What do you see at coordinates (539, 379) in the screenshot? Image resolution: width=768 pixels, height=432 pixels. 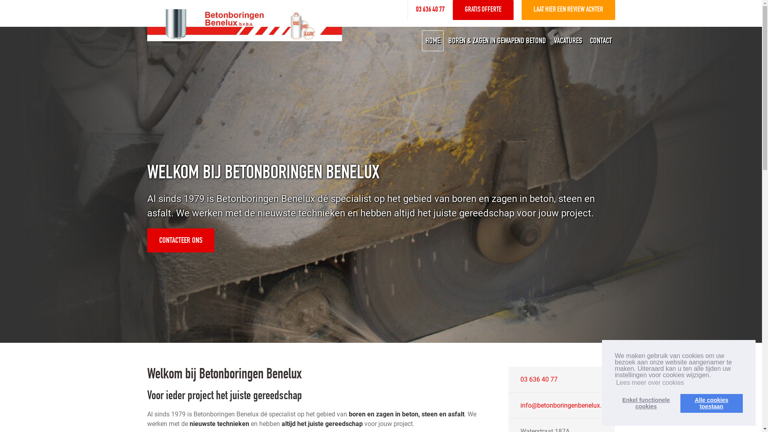 I see `'03 636 40 77'` at bounding box center [539, 379].